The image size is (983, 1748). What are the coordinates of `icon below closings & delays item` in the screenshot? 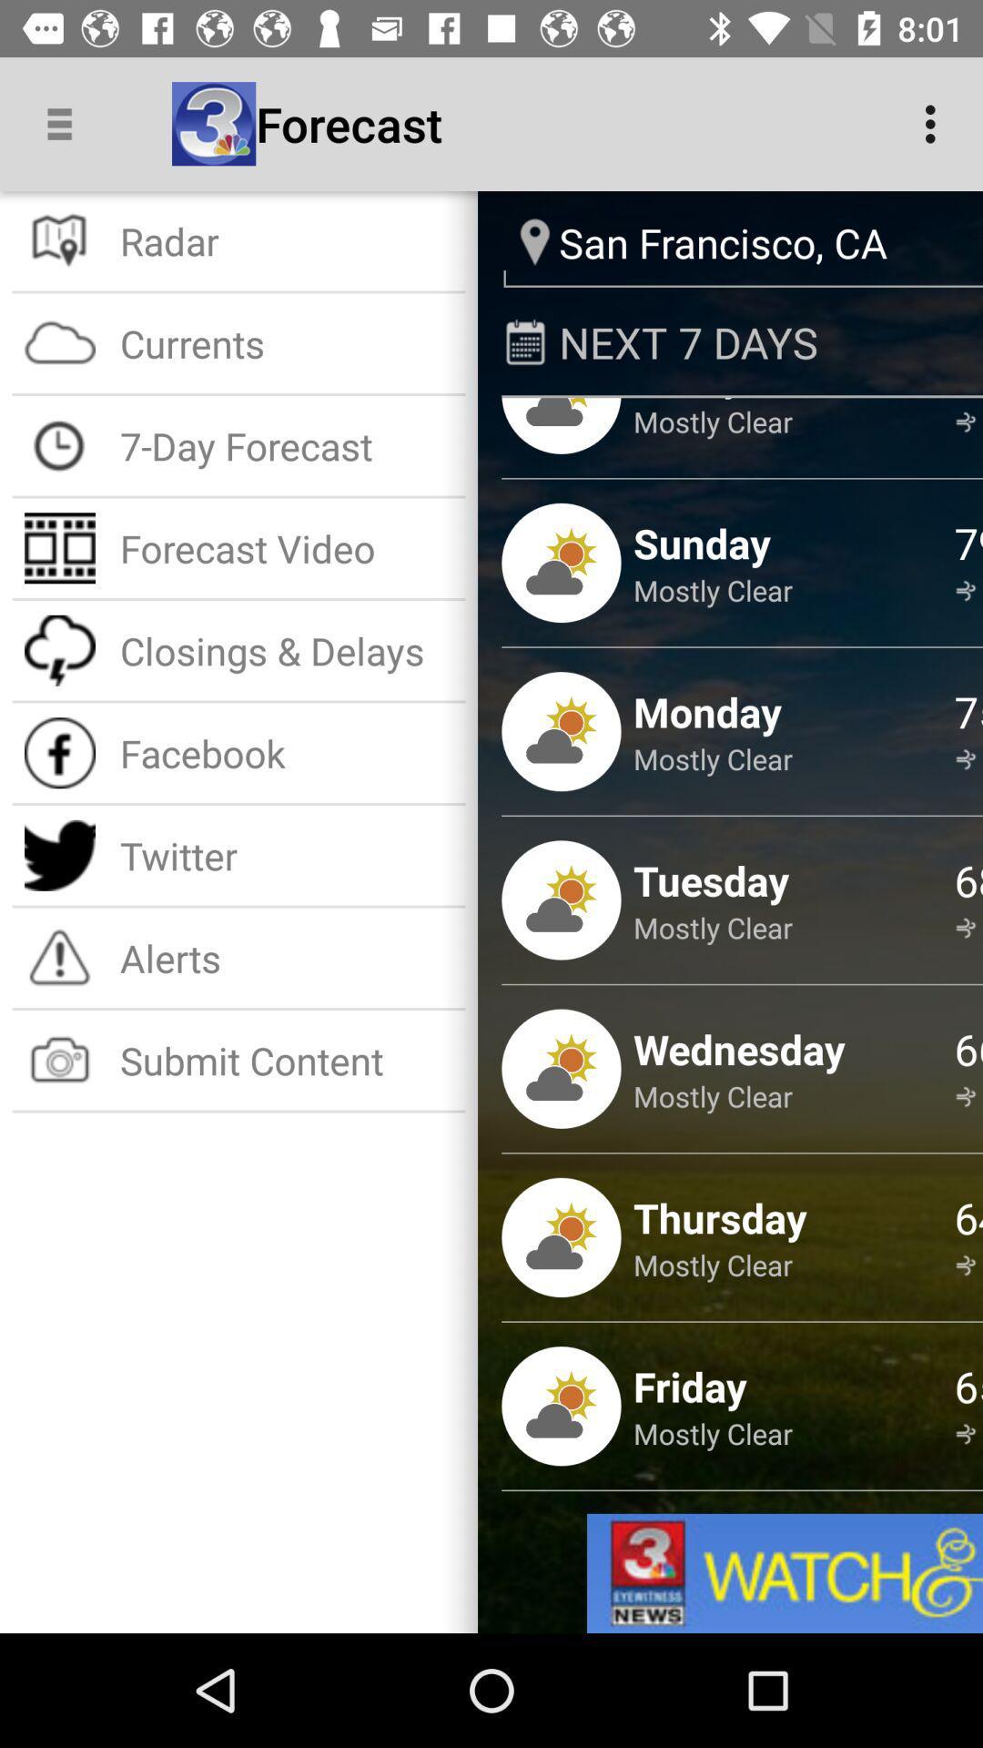 It's located at (287, 753).